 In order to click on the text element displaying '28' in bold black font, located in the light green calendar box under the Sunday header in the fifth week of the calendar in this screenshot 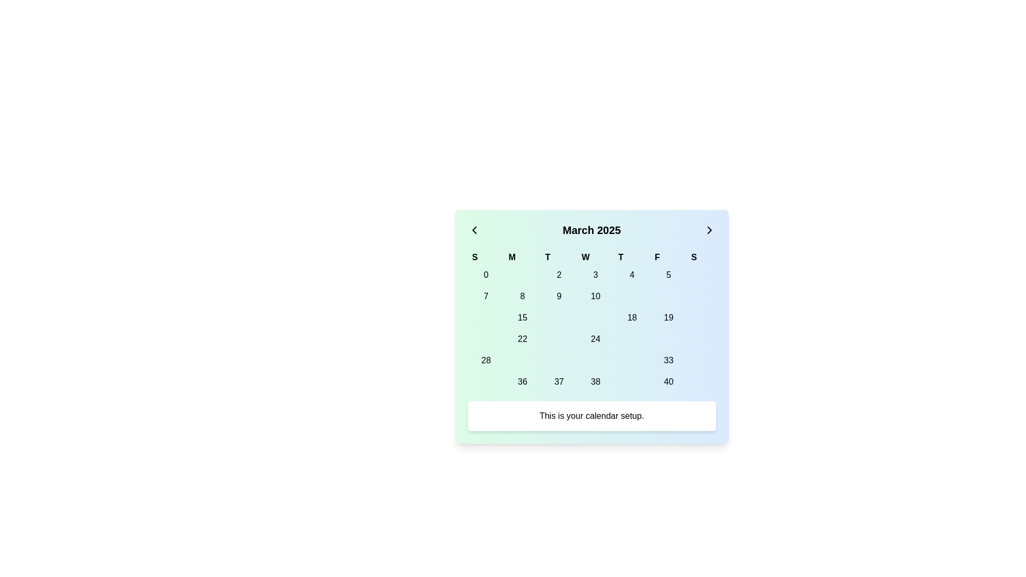, I will do `click(485, 361)`.